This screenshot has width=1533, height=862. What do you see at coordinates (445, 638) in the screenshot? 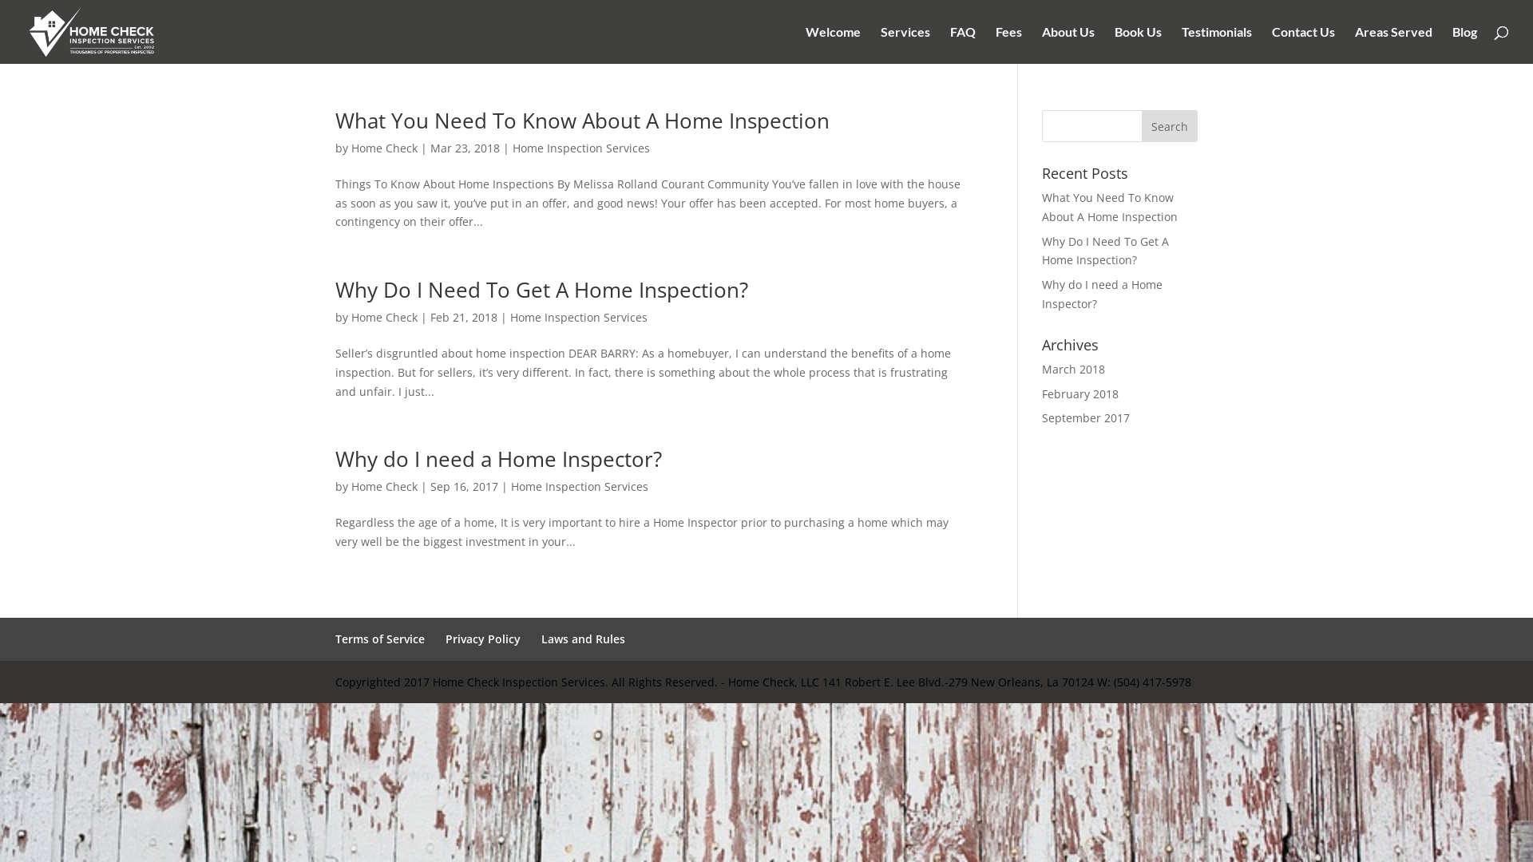
I see `'Privacy Policy'` at bounding box center [445, 638].